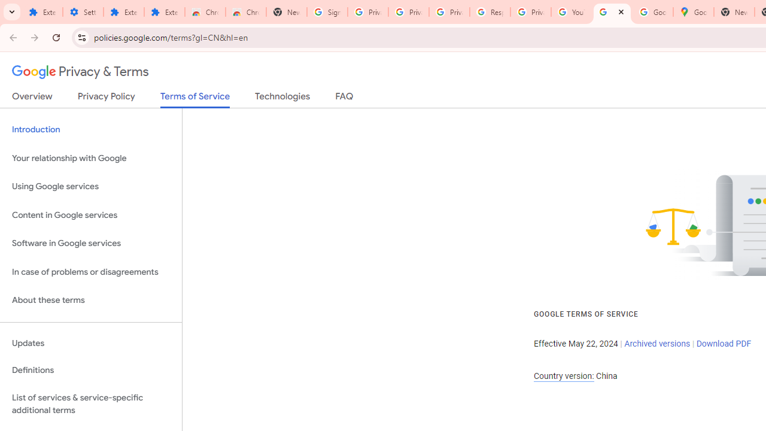  What do you see at coordinates (90, 300) in the screenshot?
I see `'About these terms'` at bounding box center [90, 300].